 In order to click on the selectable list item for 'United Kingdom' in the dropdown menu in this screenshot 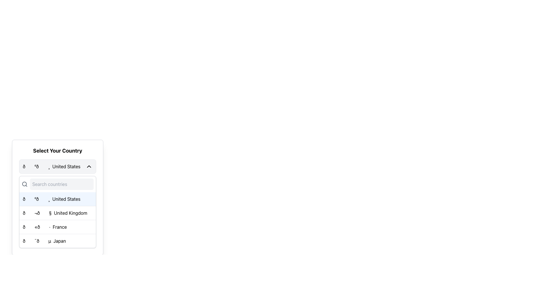, I will do `click(57, 212)`.